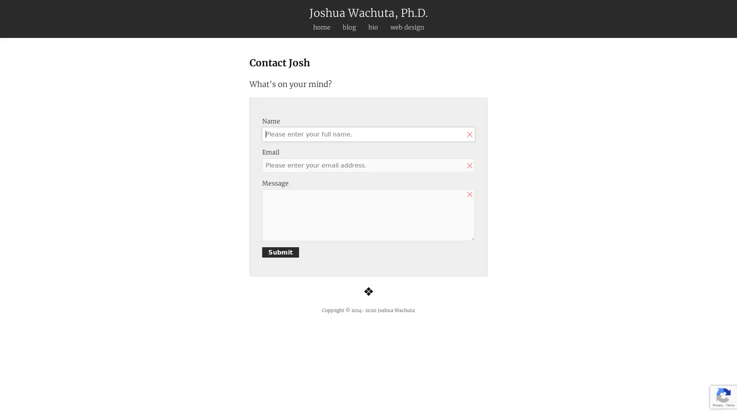  What do you see at coordinates (280, 252) in the screenshot?
I see `Submit` at bounding box center [280, 252].